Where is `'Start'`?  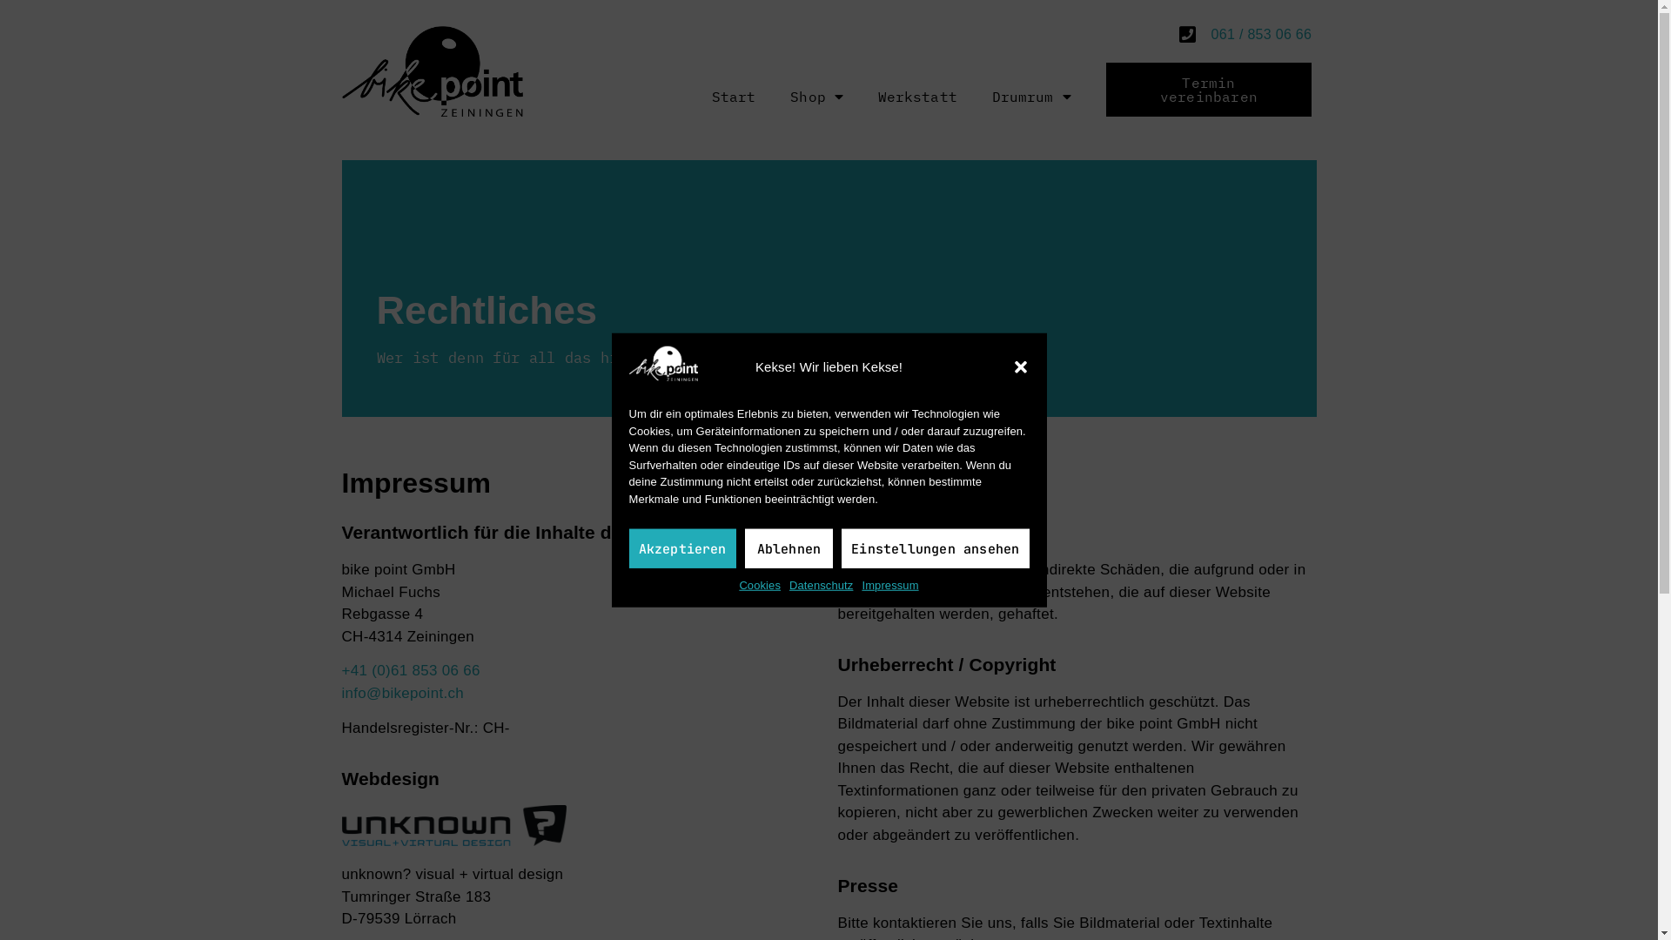
'Start' is located at coordinates (734, 97).